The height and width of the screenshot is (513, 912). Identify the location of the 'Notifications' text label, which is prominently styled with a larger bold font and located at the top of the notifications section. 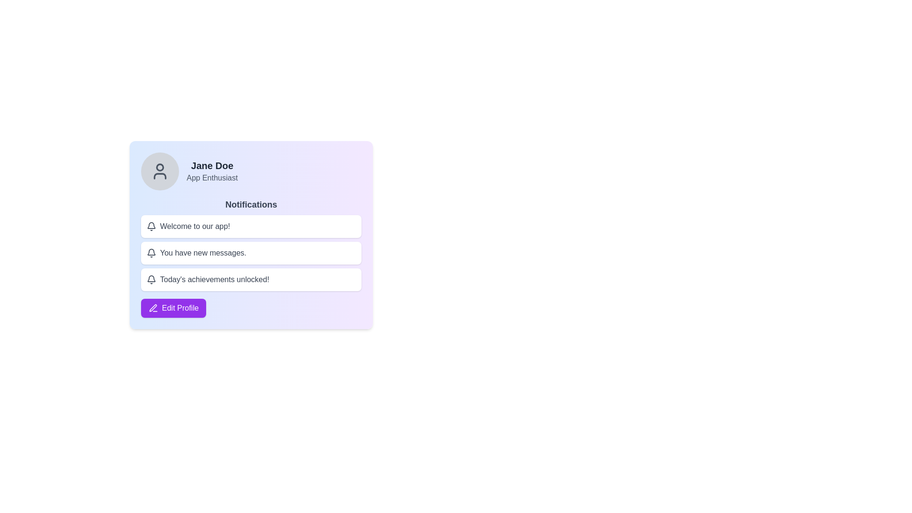
(251, 204).